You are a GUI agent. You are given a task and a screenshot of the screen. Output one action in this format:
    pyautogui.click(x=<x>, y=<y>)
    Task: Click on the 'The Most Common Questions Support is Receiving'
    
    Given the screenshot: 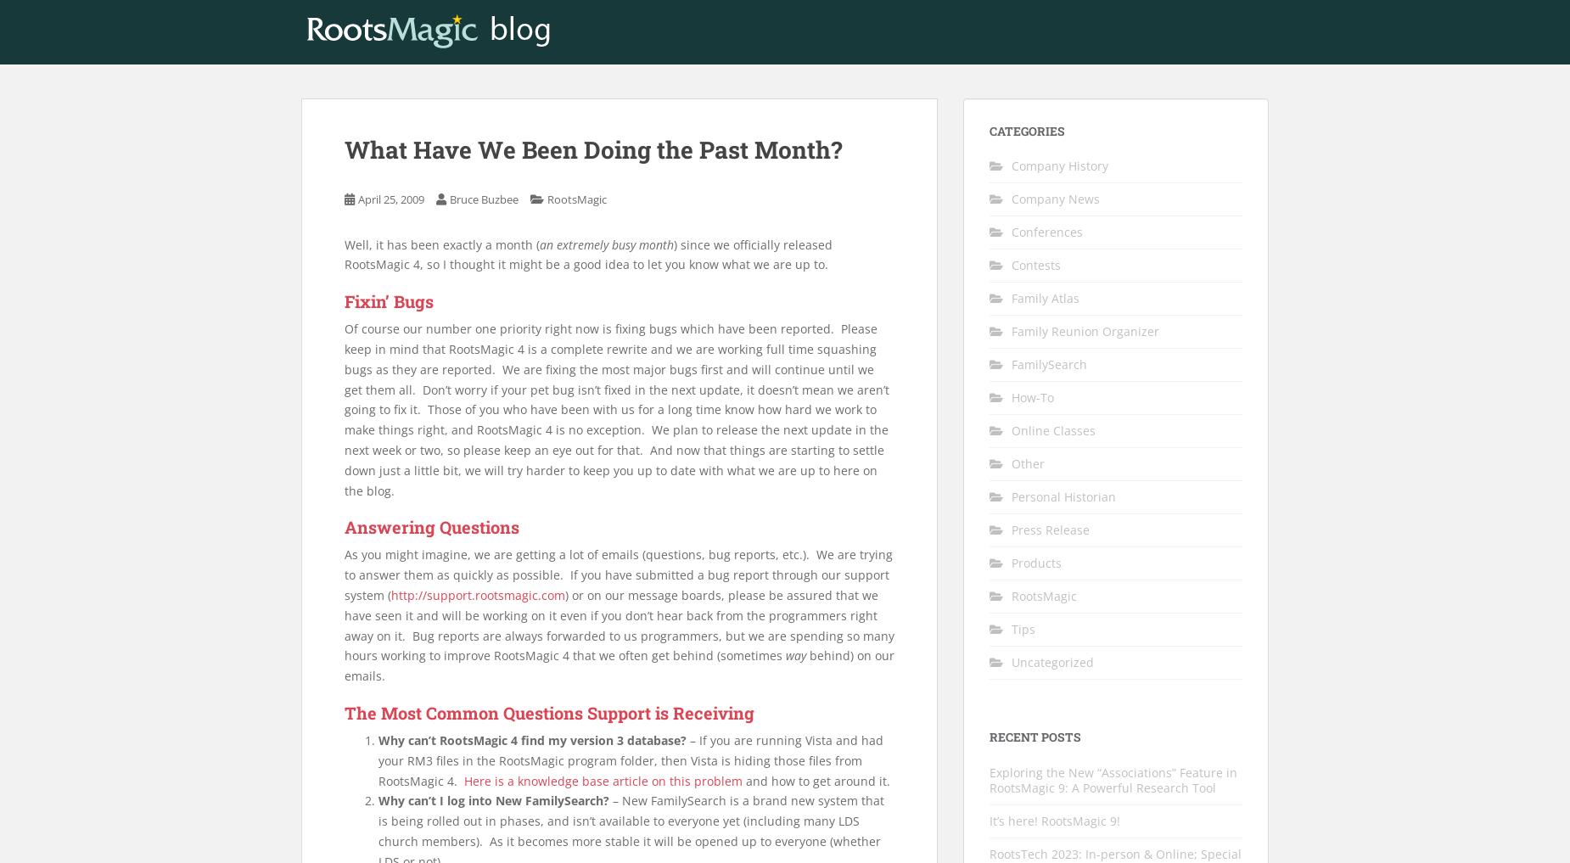 What is the action you would take?
    pyautogui.click(x=549, y=711)
    